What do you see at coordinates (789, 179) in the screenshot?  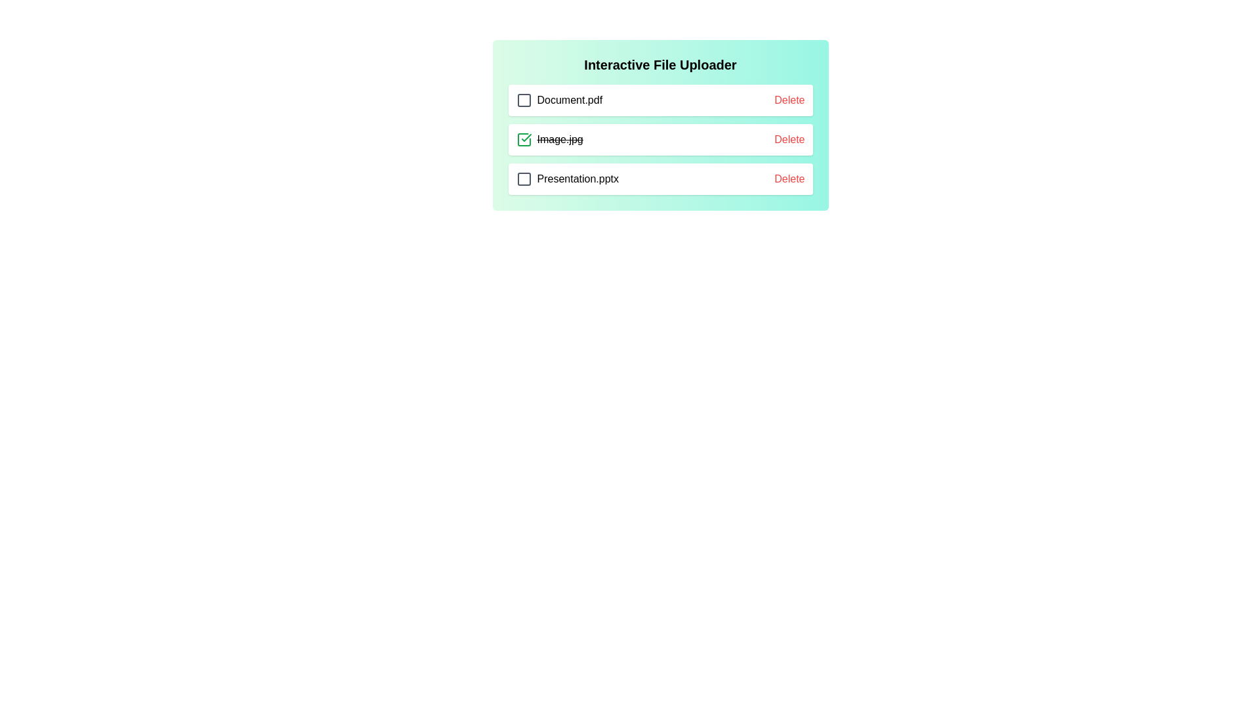 I see `delete button associated with Presentation.pptx` at bounding box center [789, 179].